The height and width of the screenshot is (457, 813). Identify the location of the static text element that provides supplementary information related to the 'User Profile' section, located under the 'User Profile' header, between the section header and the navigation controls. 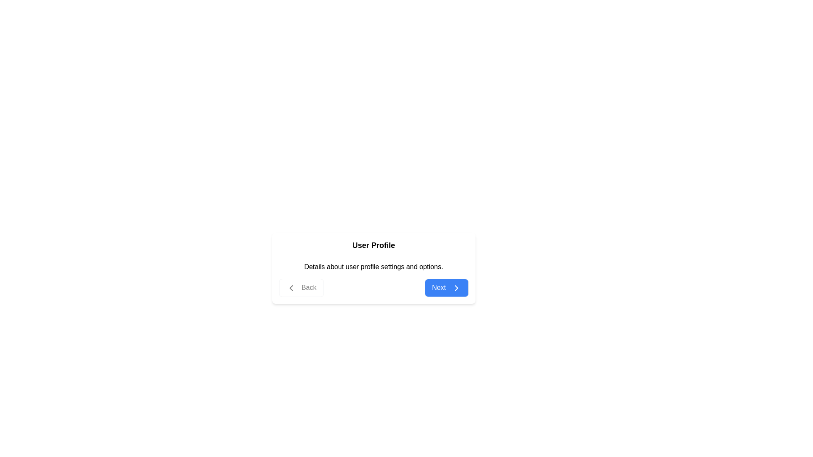
(373, 267).